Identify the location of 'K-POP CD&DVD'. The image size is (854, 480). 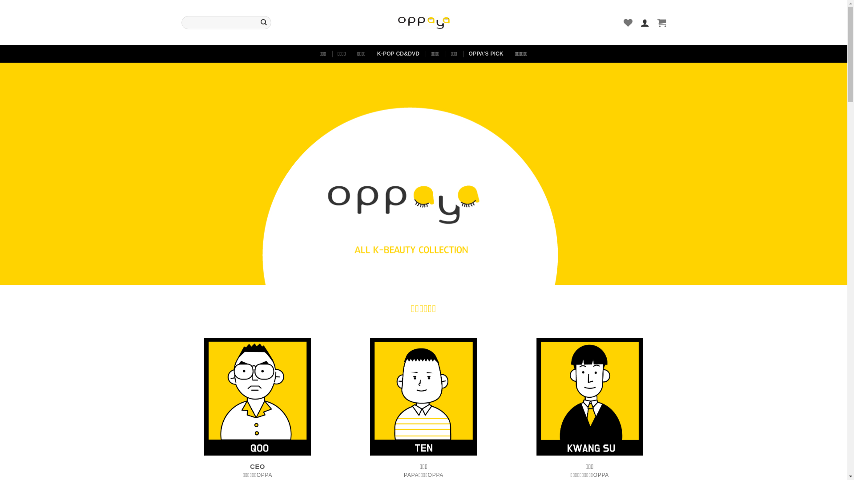
(398, 53).